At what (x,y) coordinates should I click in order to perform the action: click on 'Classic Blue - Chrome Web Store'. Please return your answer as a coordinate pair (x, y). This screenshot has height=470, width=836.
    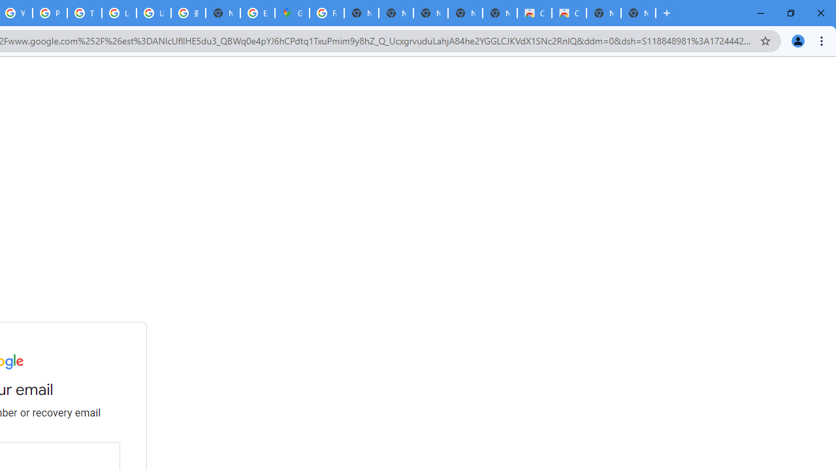
    Looking at the image, I should click on (569, 13).